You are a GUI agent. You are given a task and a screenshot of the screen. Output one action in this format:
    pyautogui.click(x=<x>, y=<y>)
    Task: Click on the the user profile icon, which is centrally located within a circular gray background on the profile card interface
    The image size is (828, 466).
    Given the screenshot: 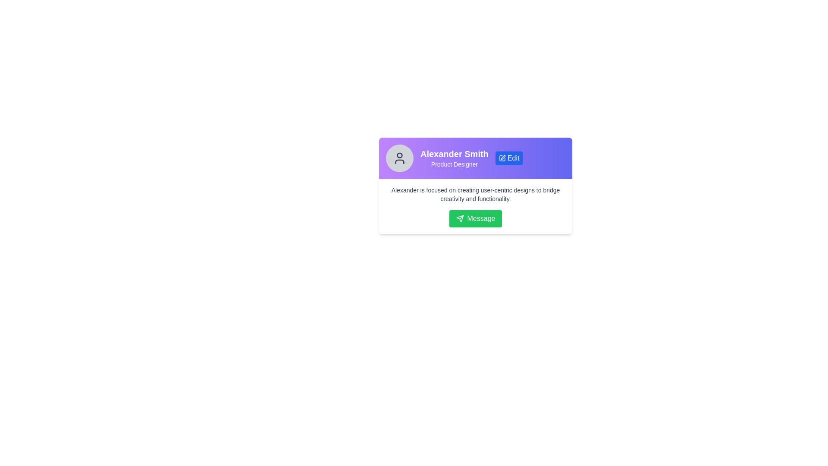 What is the action you would take?
    pyautogui.click(x=399, y=158)
    